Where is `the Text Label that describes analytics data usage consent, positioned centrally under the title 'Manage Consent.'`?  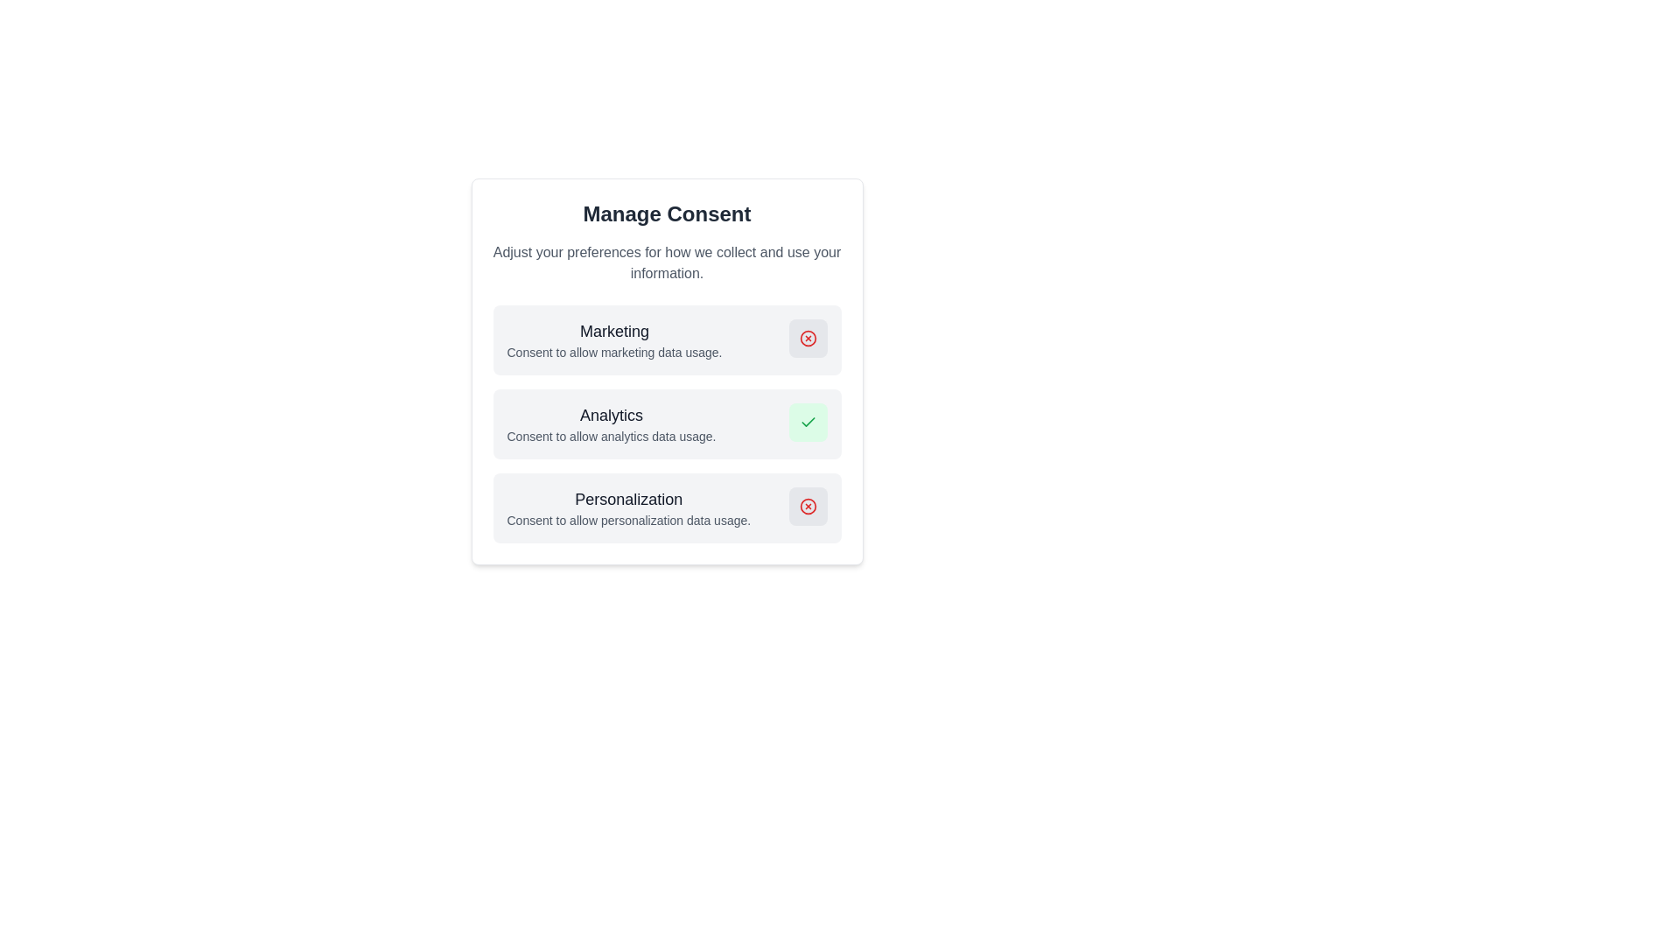
the Text Label that describes analytics data usage consent, positioned centrally under the title 'Manage Consent.' is located at coordinates (611, 415).